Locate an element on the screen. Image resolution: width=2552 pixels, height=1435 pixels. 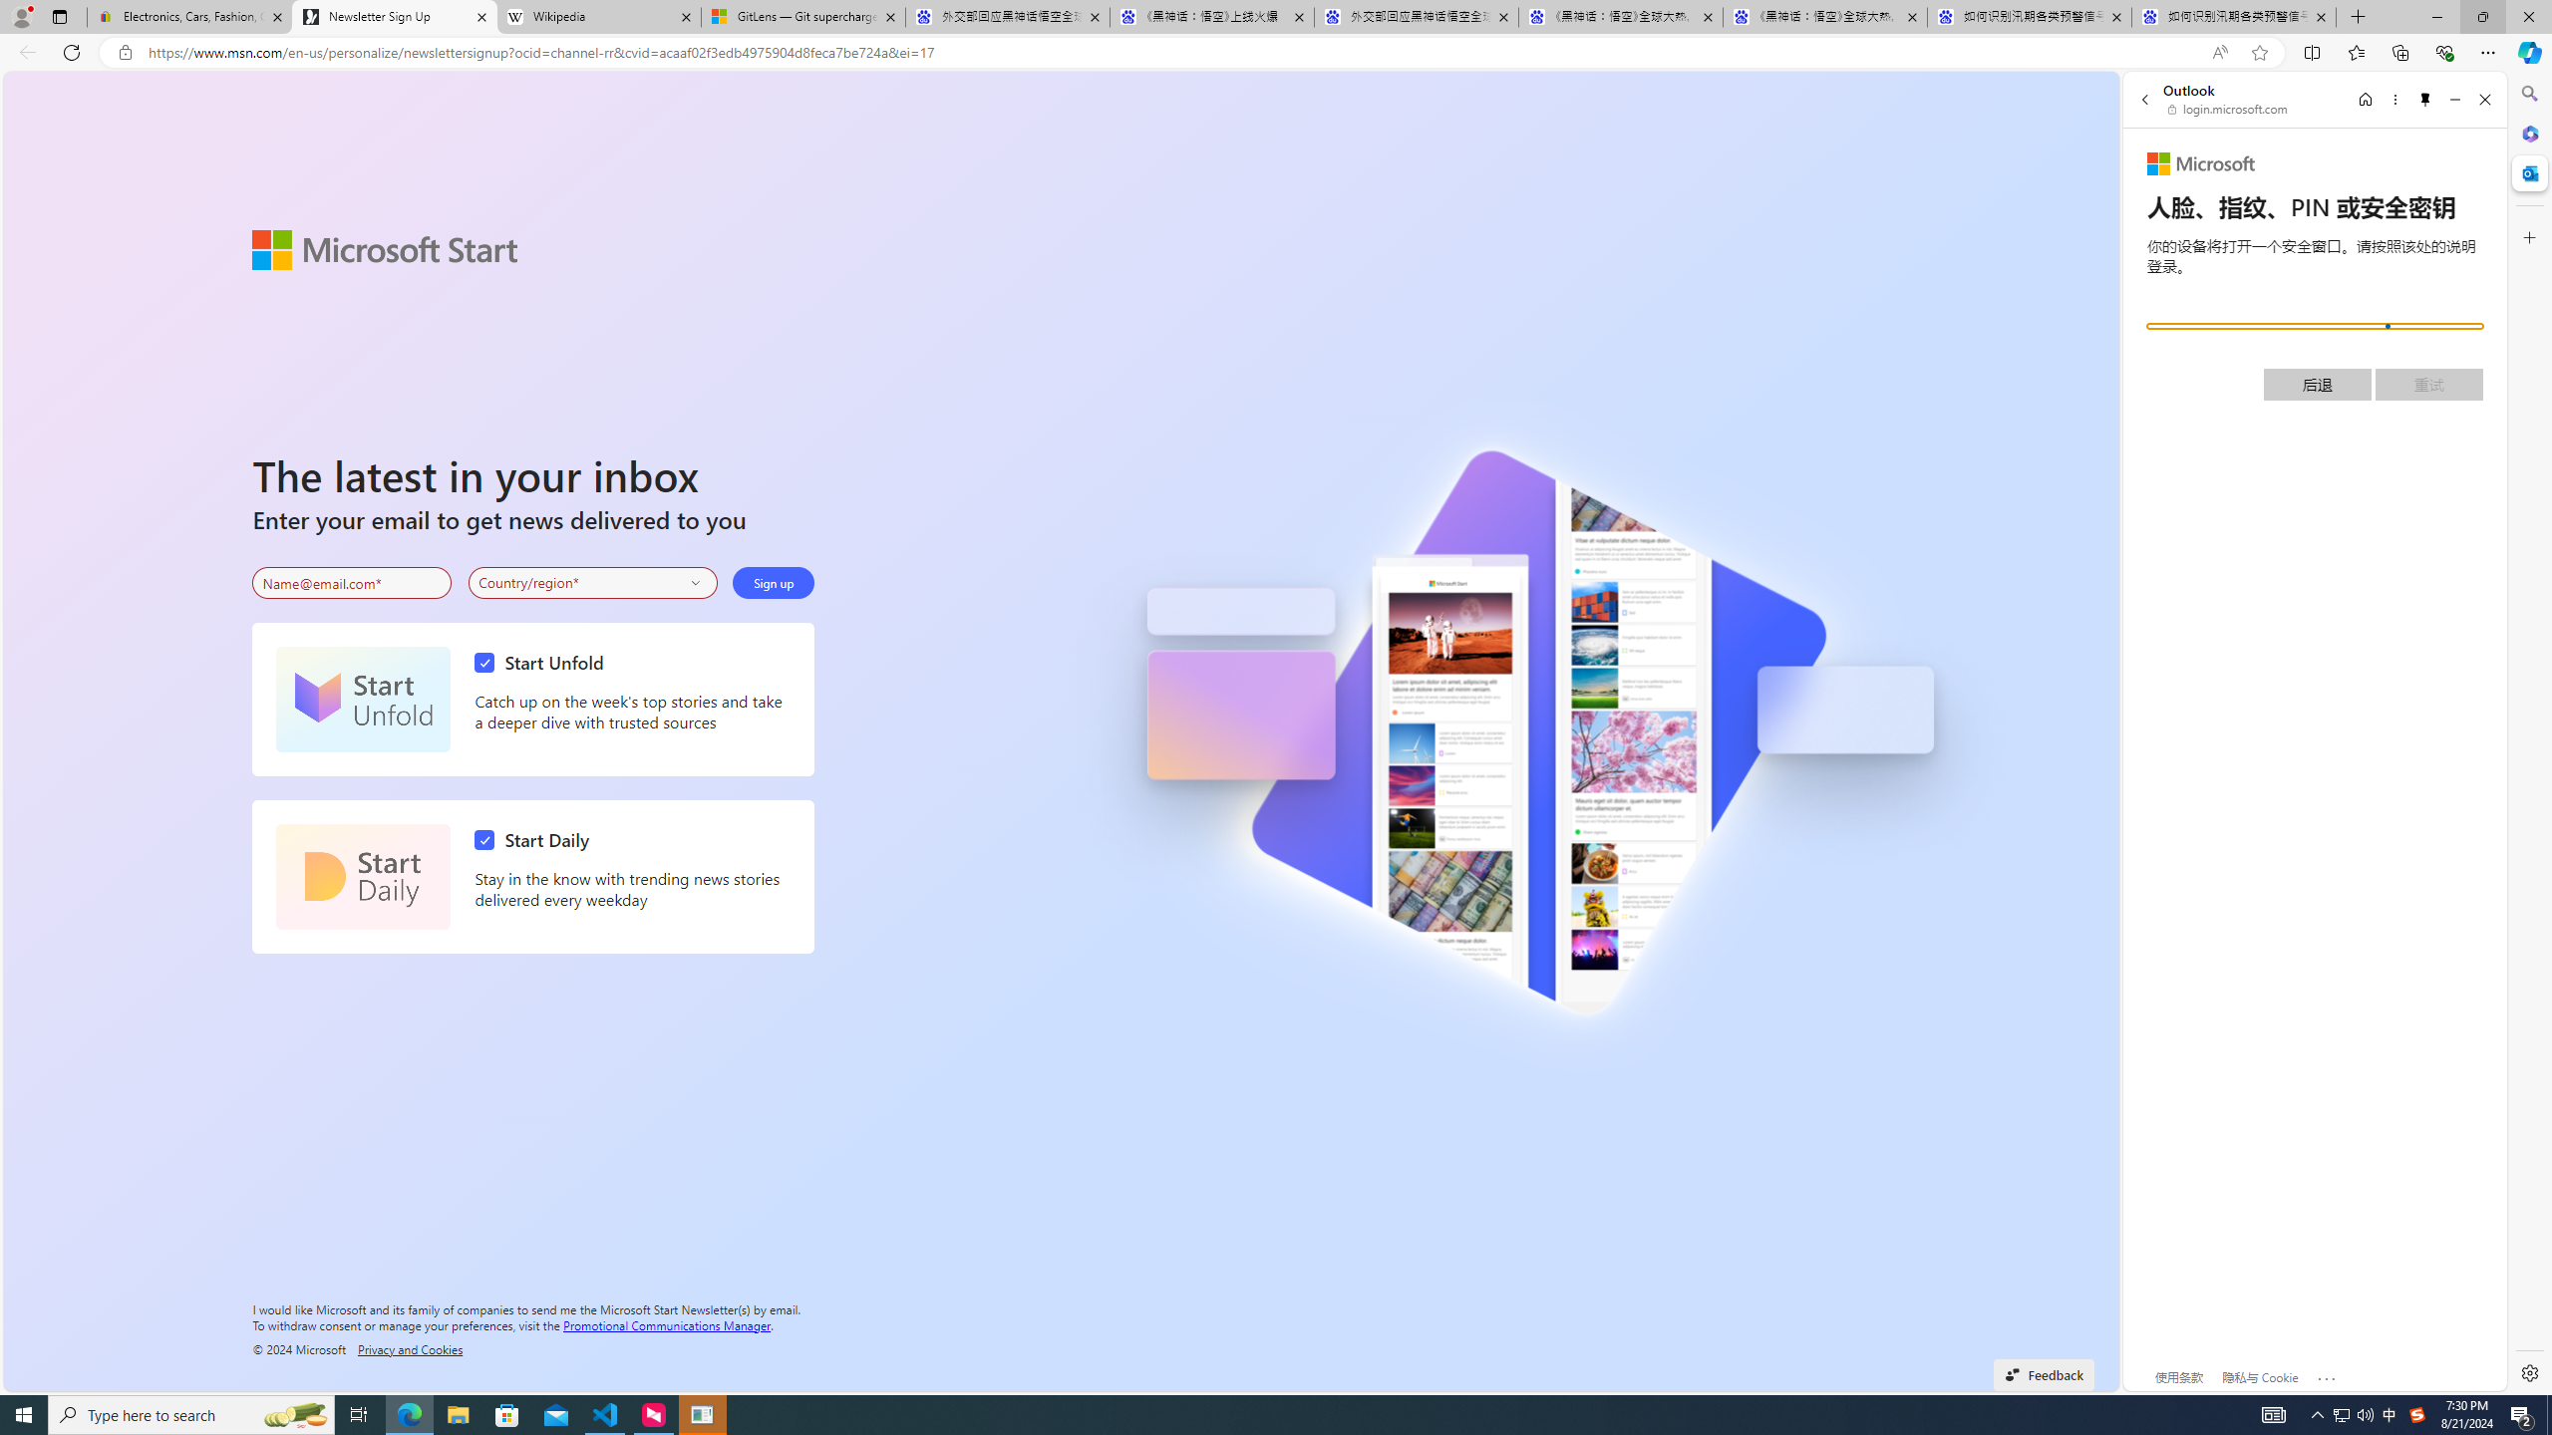
'Electronics, Cars, Fashion, Collectibles & More | eBay' is located at coordinates (188, 16).